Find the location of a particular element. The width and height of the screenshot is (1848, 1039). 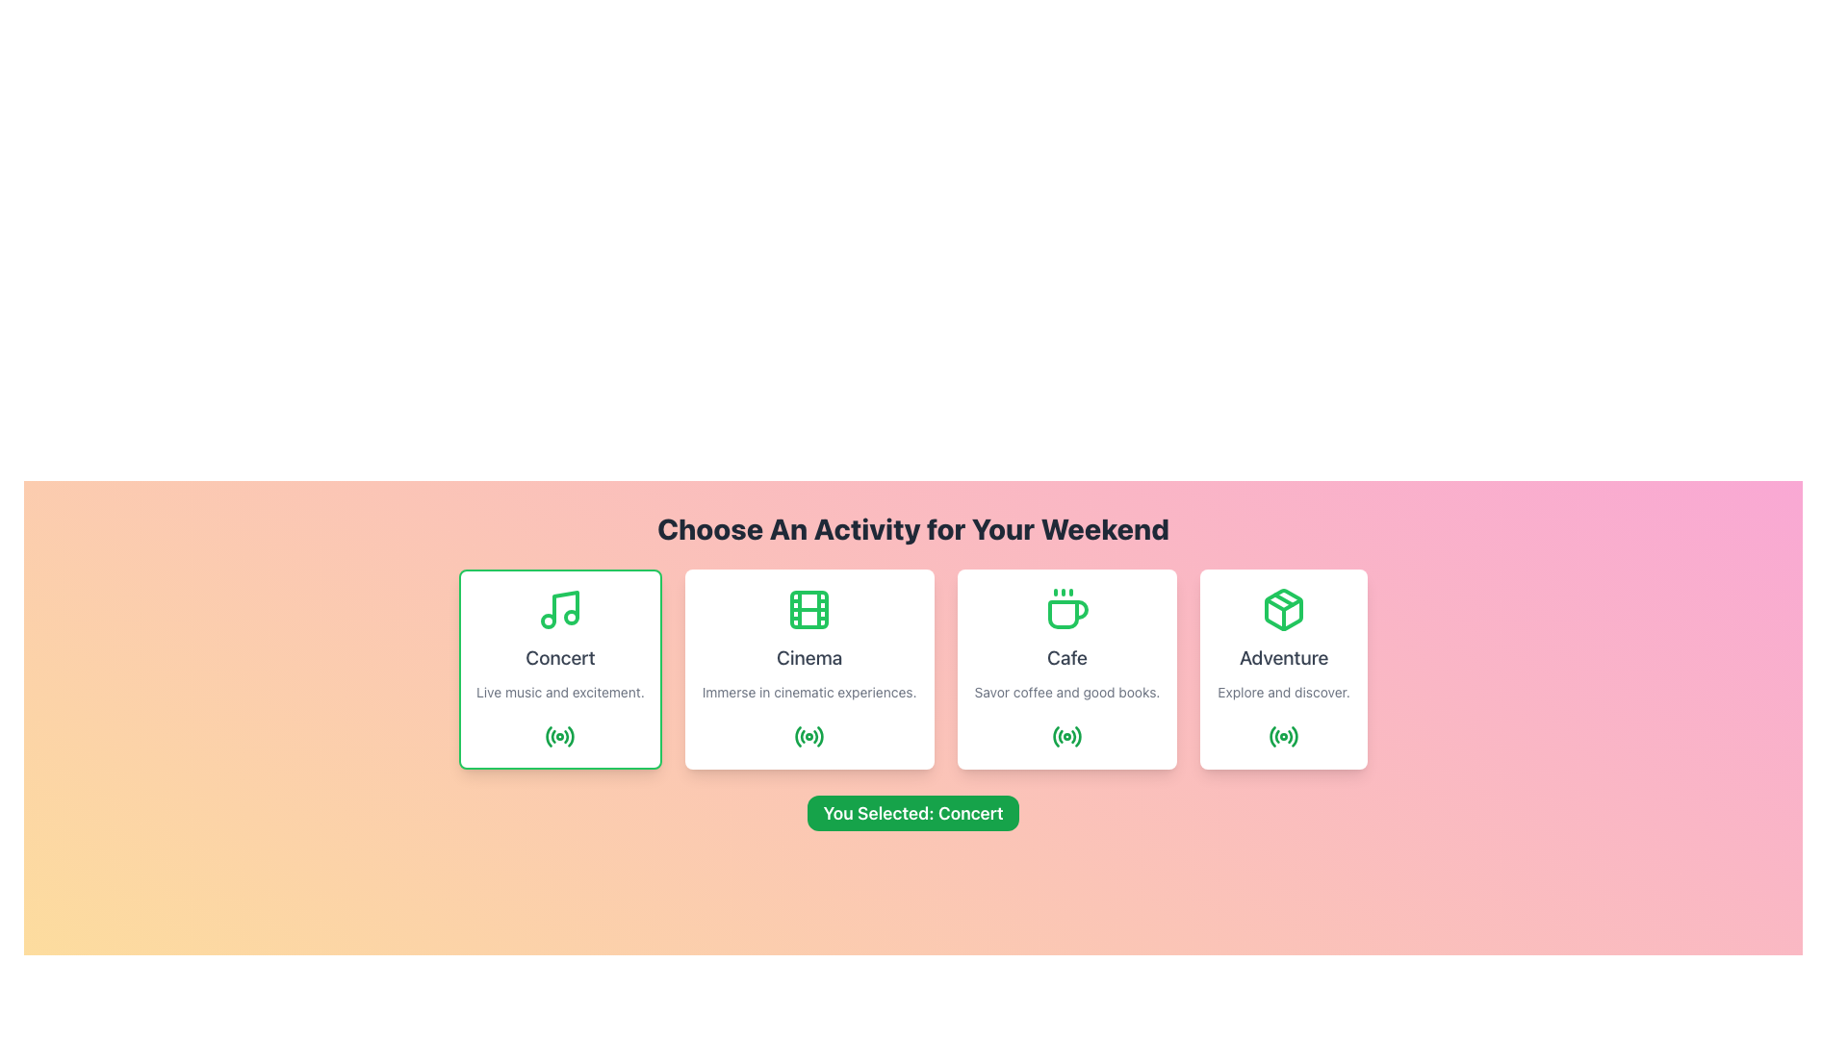

the green rectangular text banner that displays 'You Selected: Concert', which is located below the activity selection cards is located at coordinates (912, 812).